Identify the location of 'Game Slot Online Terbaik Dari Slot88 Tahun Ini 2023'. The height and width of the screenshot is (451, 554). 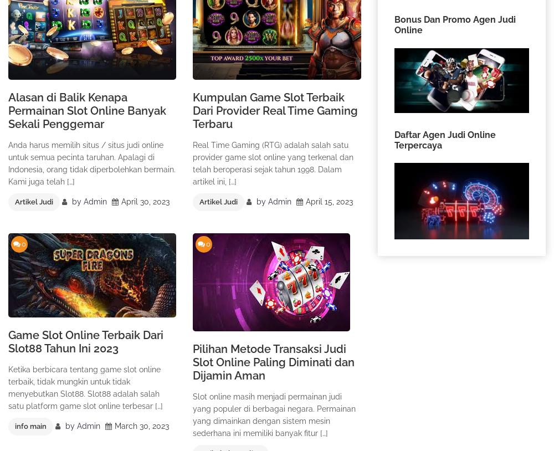
(86, 341).